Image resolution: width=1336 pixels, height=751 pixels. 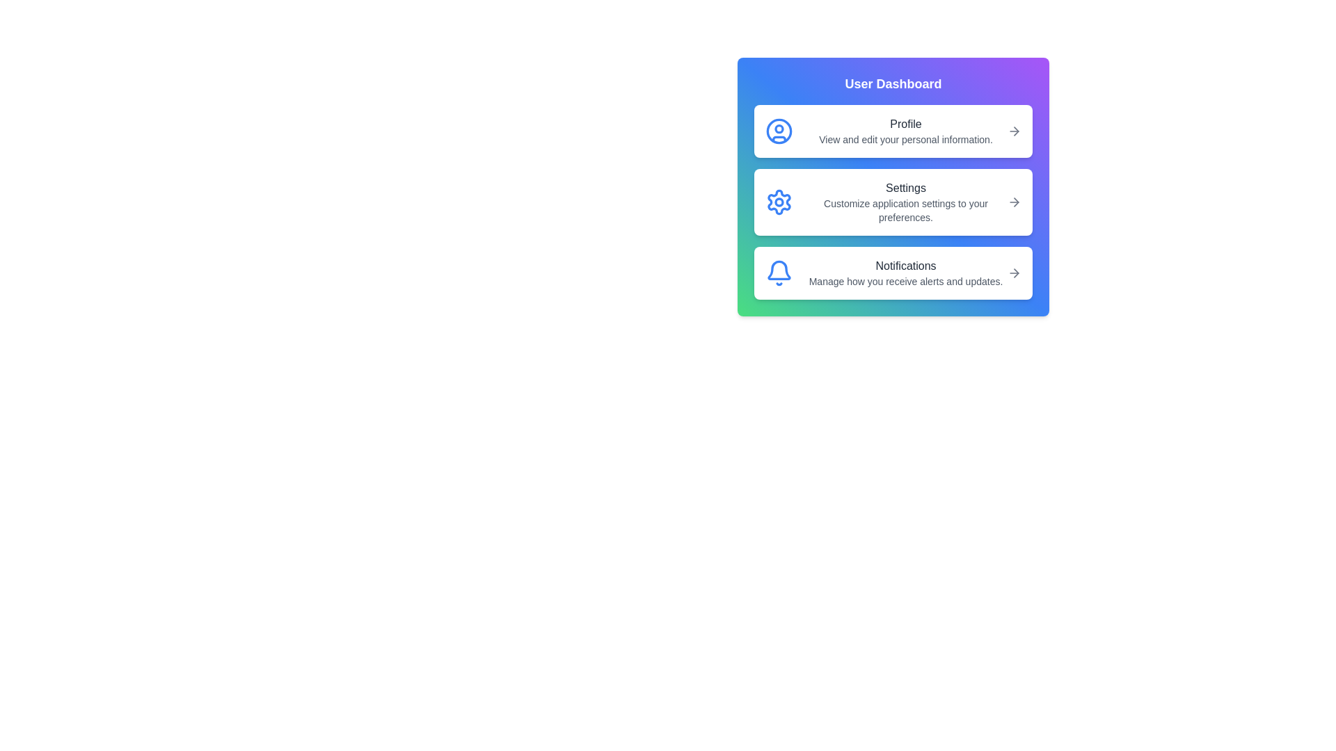 What do you see at coordinates (893, 273) in the screenshot?
I see `the 'Notifications' button to manage alert preferences` at bounding box center [893, 273].